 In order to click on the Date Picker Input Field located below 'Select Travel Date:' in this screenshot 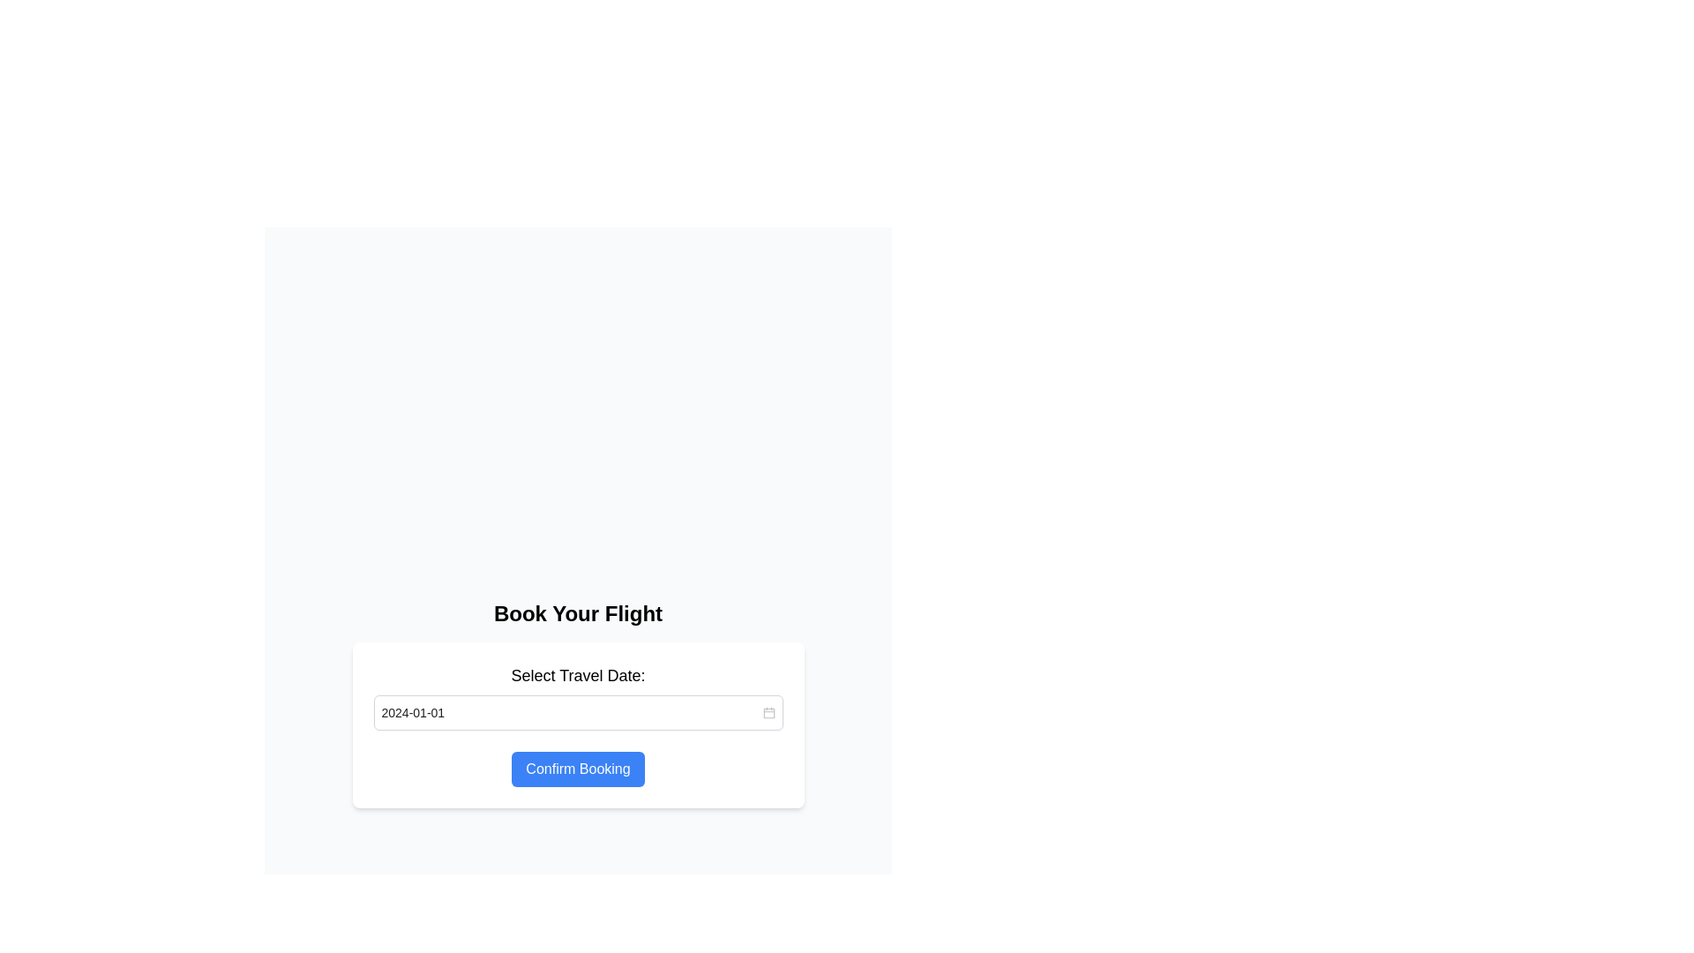, I will do `click(578, 711)`.